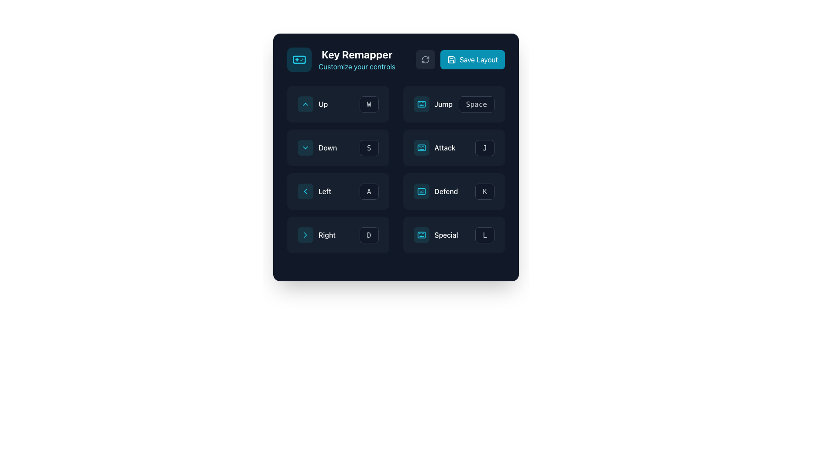 This screenshot has width=838, height=471. Describe the element at coordinates (446, 235) in the screenshot. I see `the text label displaying 'Special' in white font, which is located in the bottom-right section of the key remapping interface, next to the label 'L' under the heading 'Right'` at that location.